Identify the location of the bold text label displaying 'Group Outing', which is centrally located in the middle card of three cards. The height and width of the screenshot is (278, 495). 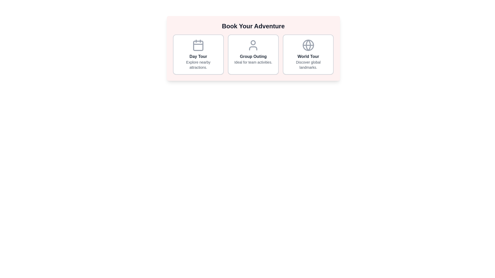
(253, 56).